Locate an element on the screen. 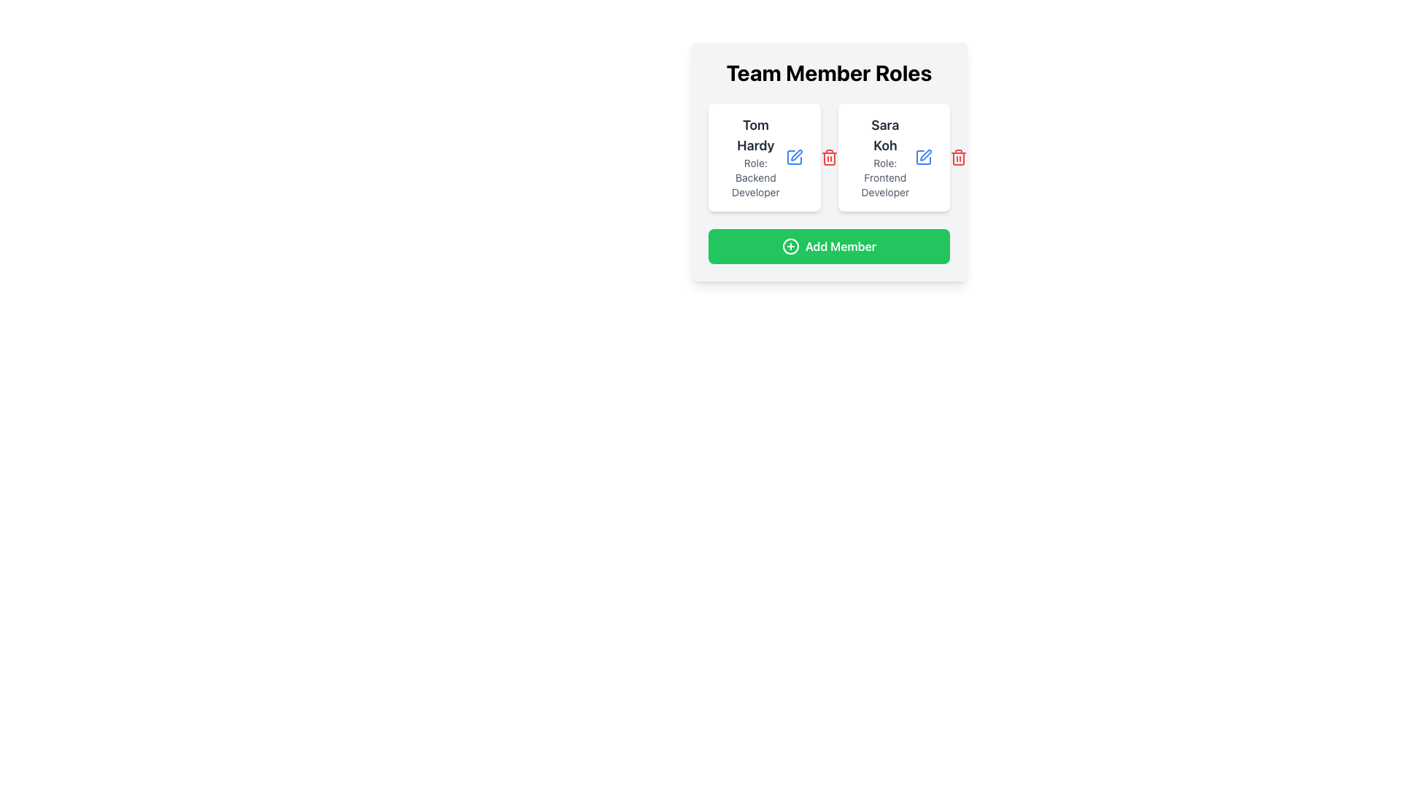  the blue pencil icon next to 'Sara Koh's details in the 'Team Member Roles' card is located at coordinates (923, 158).